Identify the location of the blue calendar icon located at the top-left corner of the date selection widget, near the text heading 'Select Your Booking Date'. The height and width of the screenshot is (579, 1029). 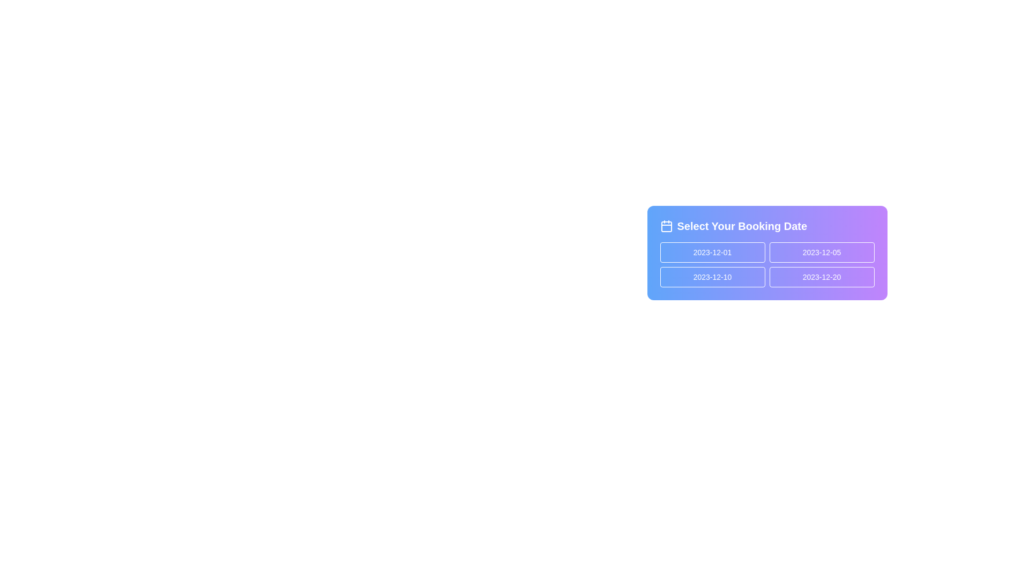
(666, 226).